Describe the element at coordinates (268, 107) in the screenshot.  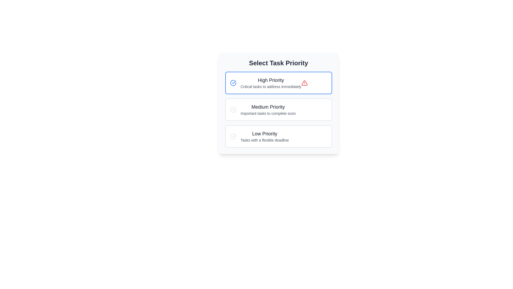
I see `the 'Medium Priority' text label, which serves as a heading for the task category, located between 'High Priority' and 'Important tasks to complete soon'` at that location.